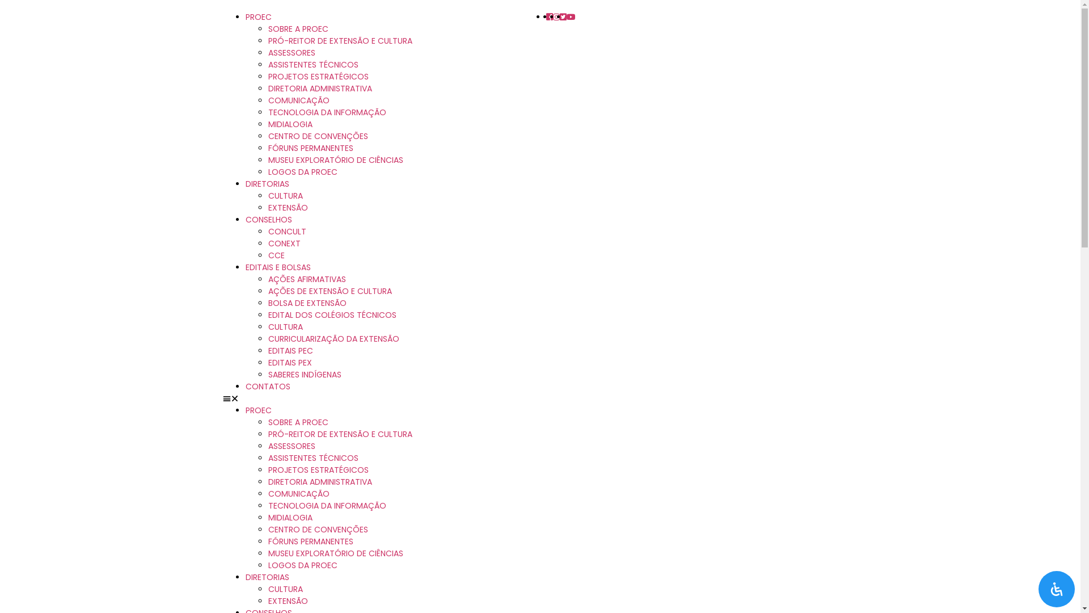 The image size is (1089, 613). I want to click on 'MIDIALOGIA', so click(289, 124).